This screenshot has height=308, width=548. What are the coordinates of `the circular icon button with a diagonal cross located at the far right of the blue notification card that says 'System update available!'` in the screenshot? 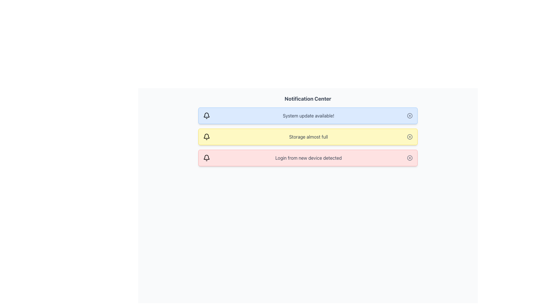 It's located at (409, 116).